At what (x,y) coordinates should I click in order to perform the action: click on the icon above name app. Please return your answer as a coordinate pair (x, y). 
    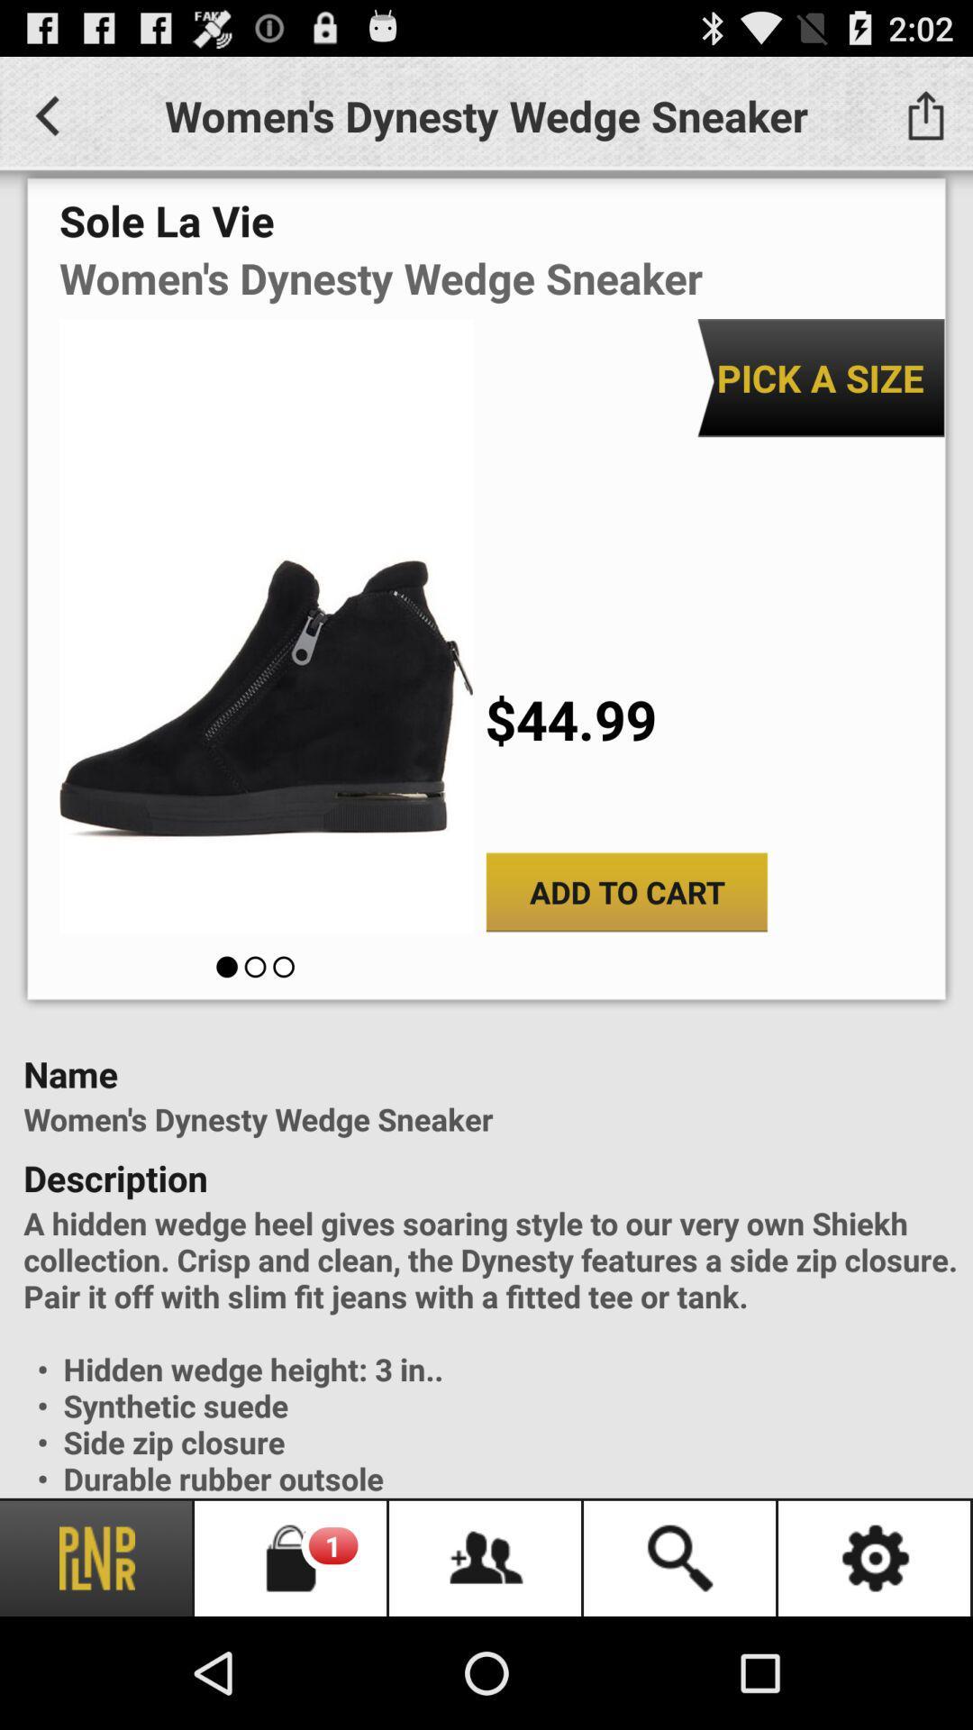
    Looking at the image, I should click on (625, 892).